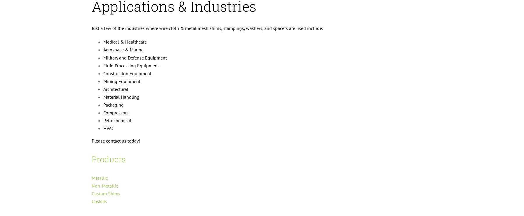  Describe the element at coordinates (91, 177) in the screenshot. I see `'Metallic'` at that location.